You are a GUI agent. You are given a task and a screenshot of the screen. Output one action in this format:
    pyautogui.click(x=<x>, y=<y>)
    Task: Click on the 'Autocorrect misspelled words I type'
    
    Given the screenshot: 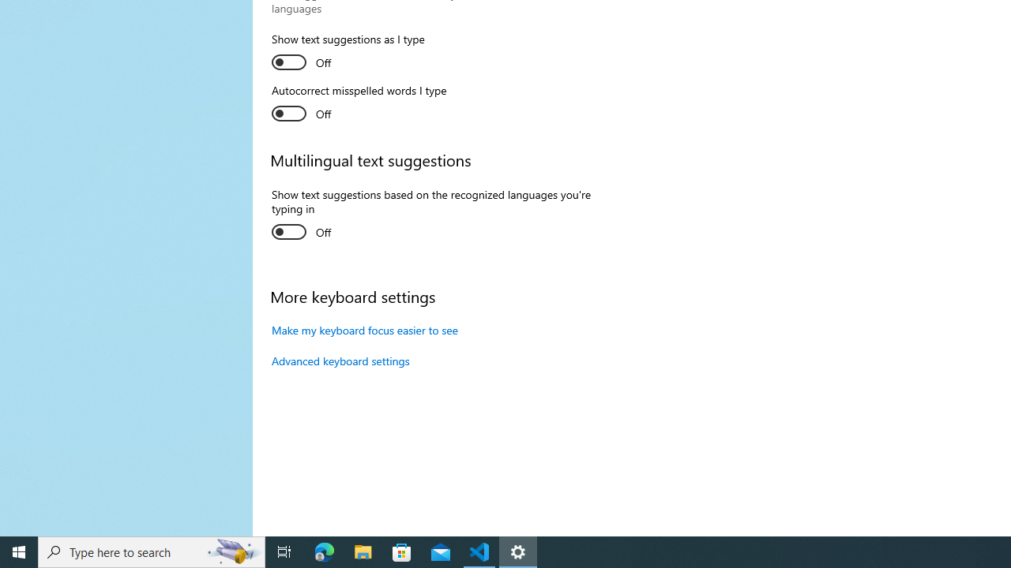 What is the action you would take?
    pyautogui.click(x=359, y=104)
    